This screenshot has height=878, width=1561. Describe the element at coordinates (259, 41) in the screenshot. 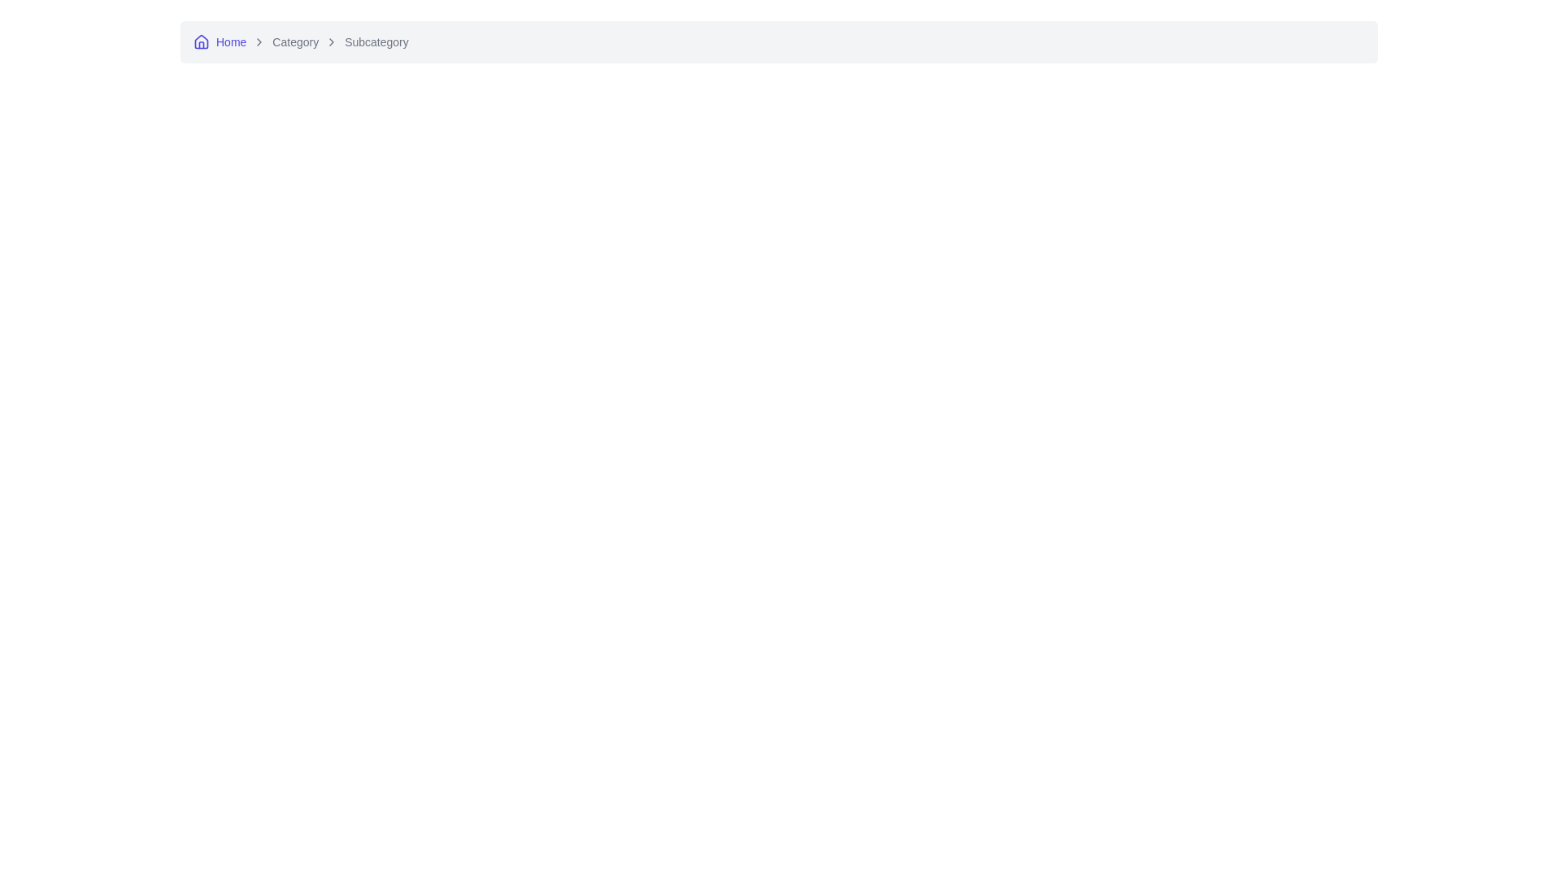

I see `the right-facing chevron icon positioned between the 'Home' and 'Category' breadcrumb labels` at that location.